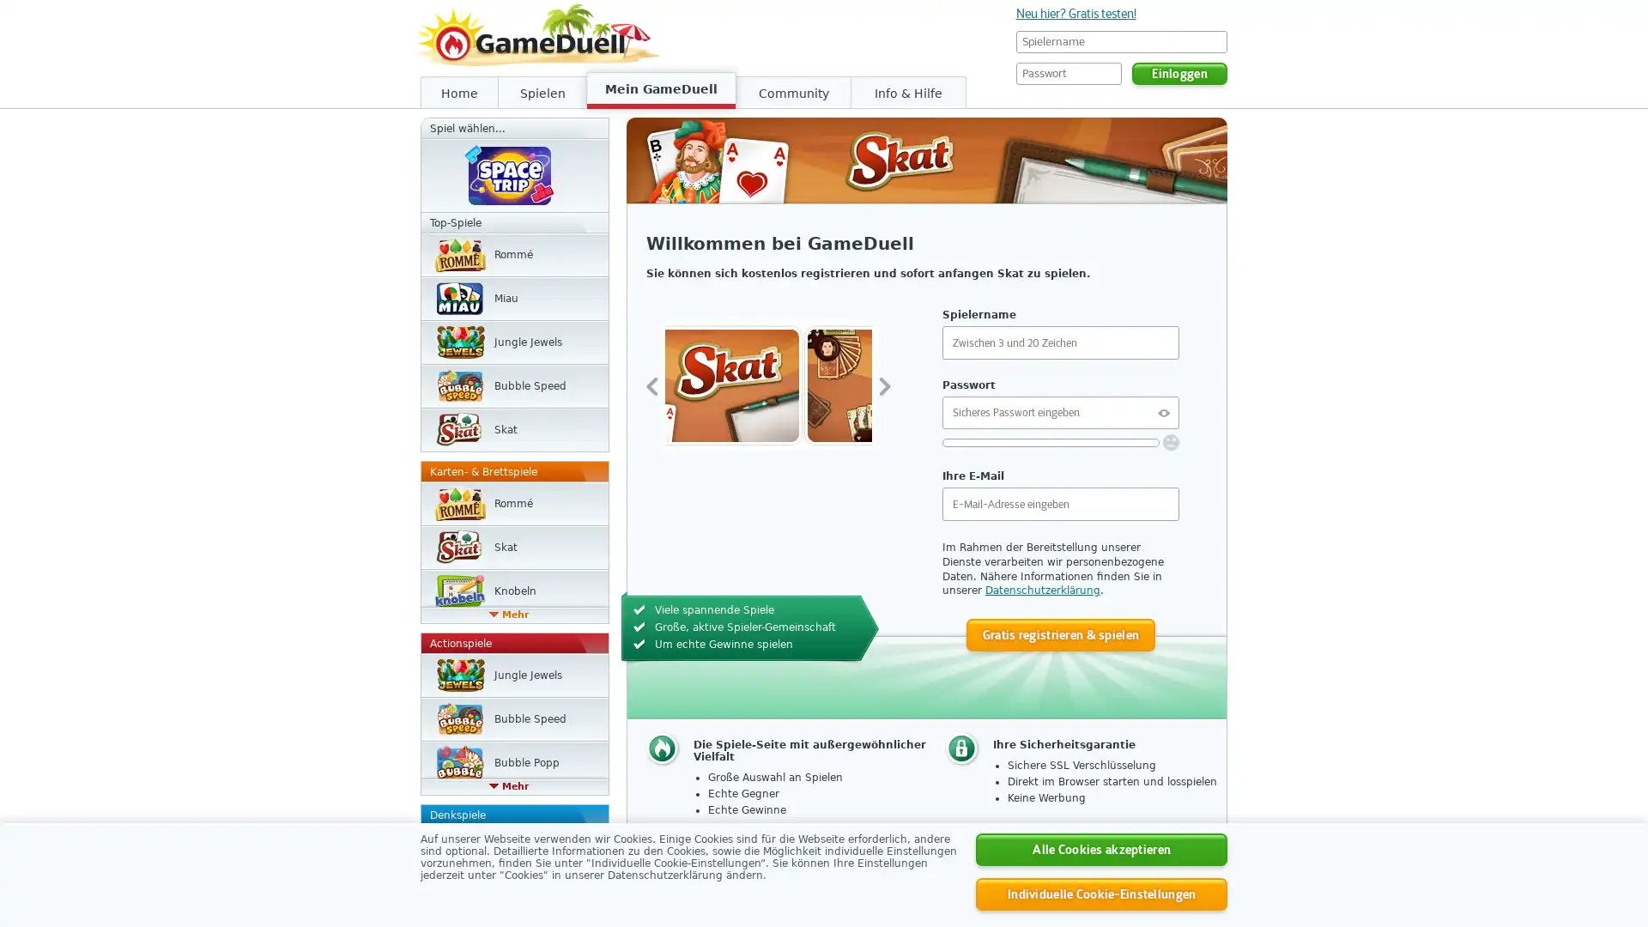 This screenshot has height=927, width=1648. What do you see at coordinates (1059, 634) in the screenshot?
I see `Gratis registrieren & spielen` at bounding box center [1059, 634].